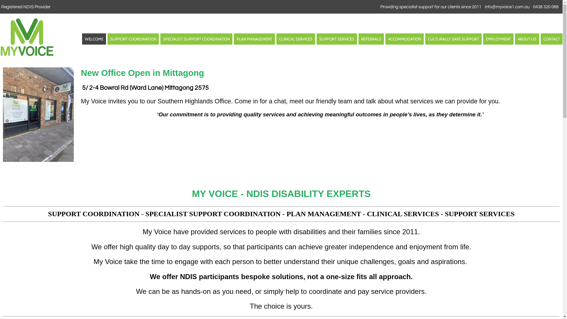  I want to click on 'CULTURALLY SAFE SUPPORT', so click(453, 39).